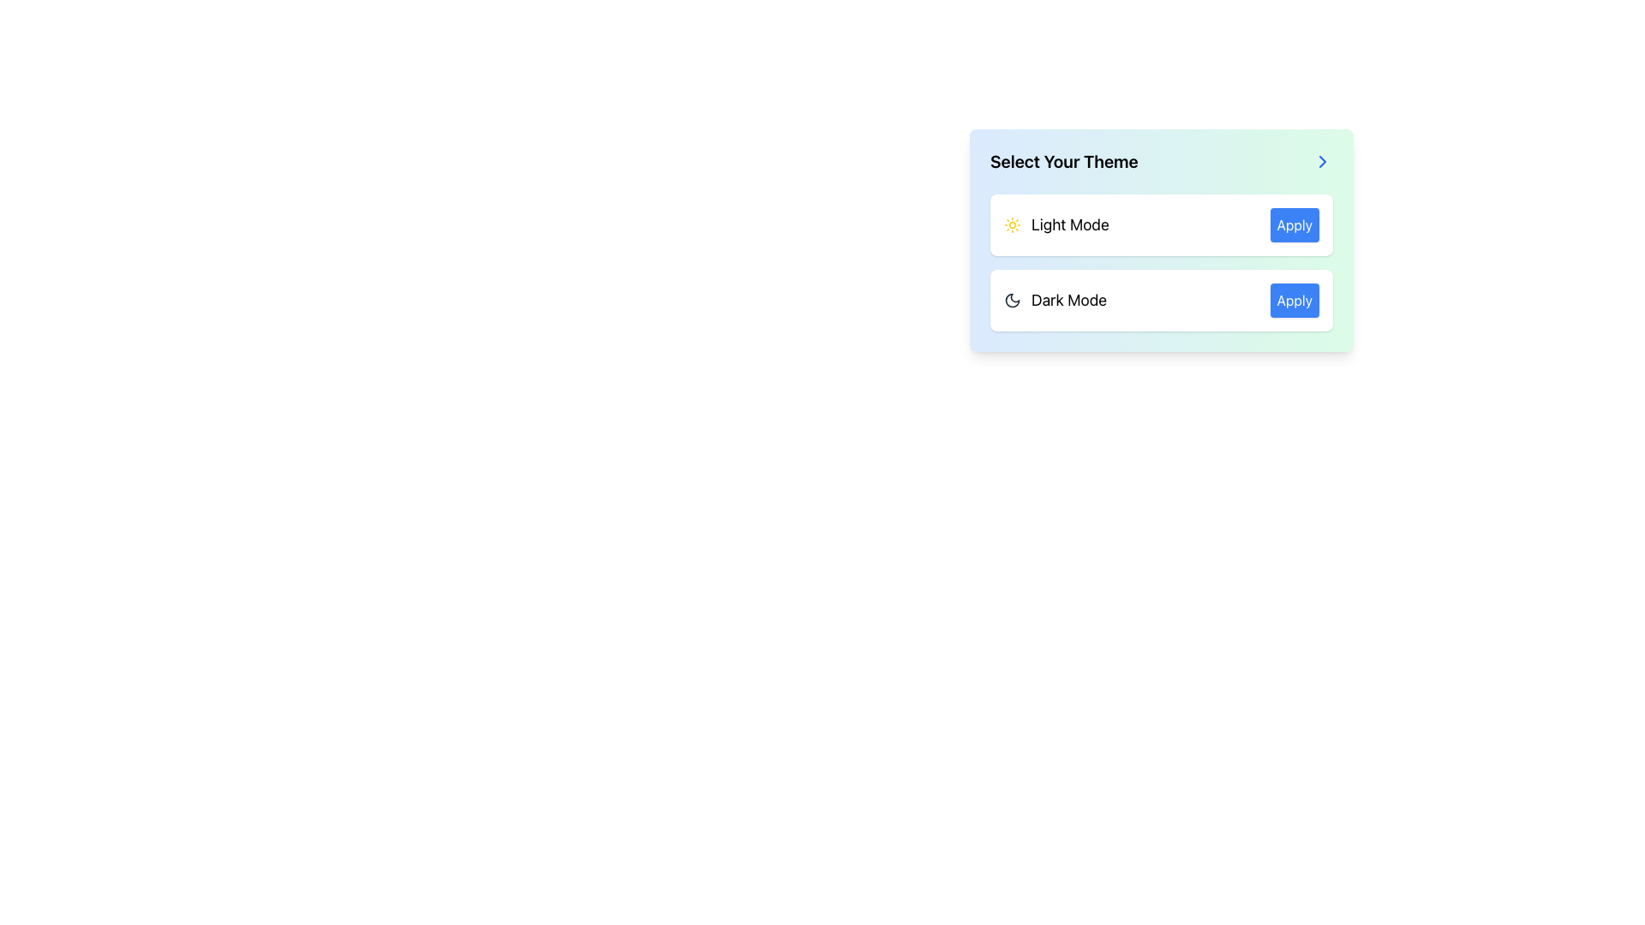  Describe the element at coordinates (1162, 277) in the screenshot. I see `the 'Dark Mode' option in the interactive Option card labeled 'Select Your Theme'` at that location.